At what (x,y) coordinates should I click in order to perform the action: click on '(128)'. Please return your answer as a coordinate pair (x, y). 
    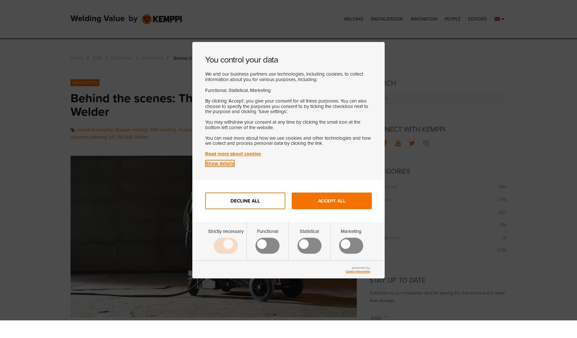
    Looking at the image, I should click on (501, 250).